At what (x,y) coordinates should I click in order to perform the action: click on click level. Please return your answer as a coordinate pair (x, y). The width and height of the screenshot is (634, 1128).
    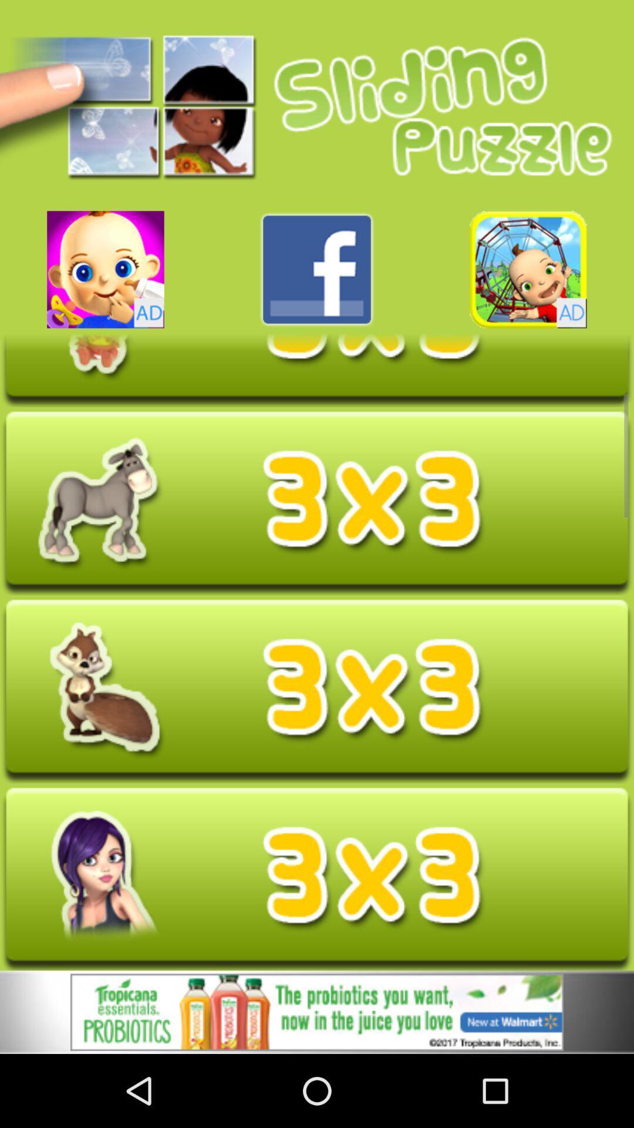
    Looking at the image, I should click on (317, 879).